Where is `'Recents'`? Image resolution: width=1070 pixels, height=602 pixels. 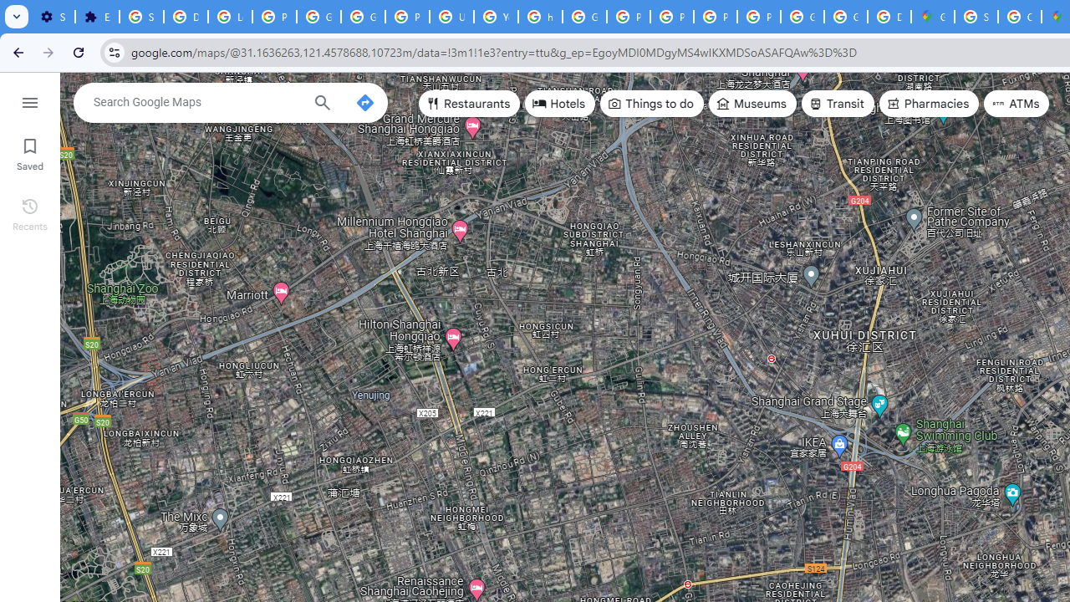
'Recents' is located at coordinates (29, 212).